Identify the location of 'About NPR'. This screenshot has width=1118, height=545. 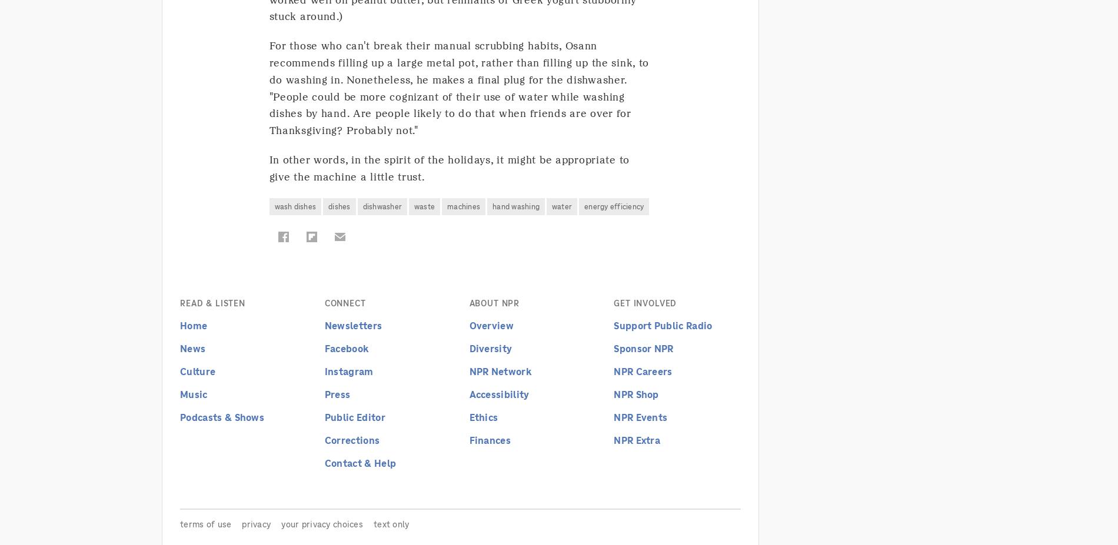
(493, 303).